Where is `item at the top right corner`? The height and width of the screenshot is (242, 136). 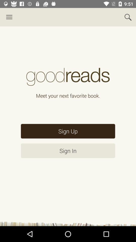
item at the top right corner is located at coordinates (128, 17).